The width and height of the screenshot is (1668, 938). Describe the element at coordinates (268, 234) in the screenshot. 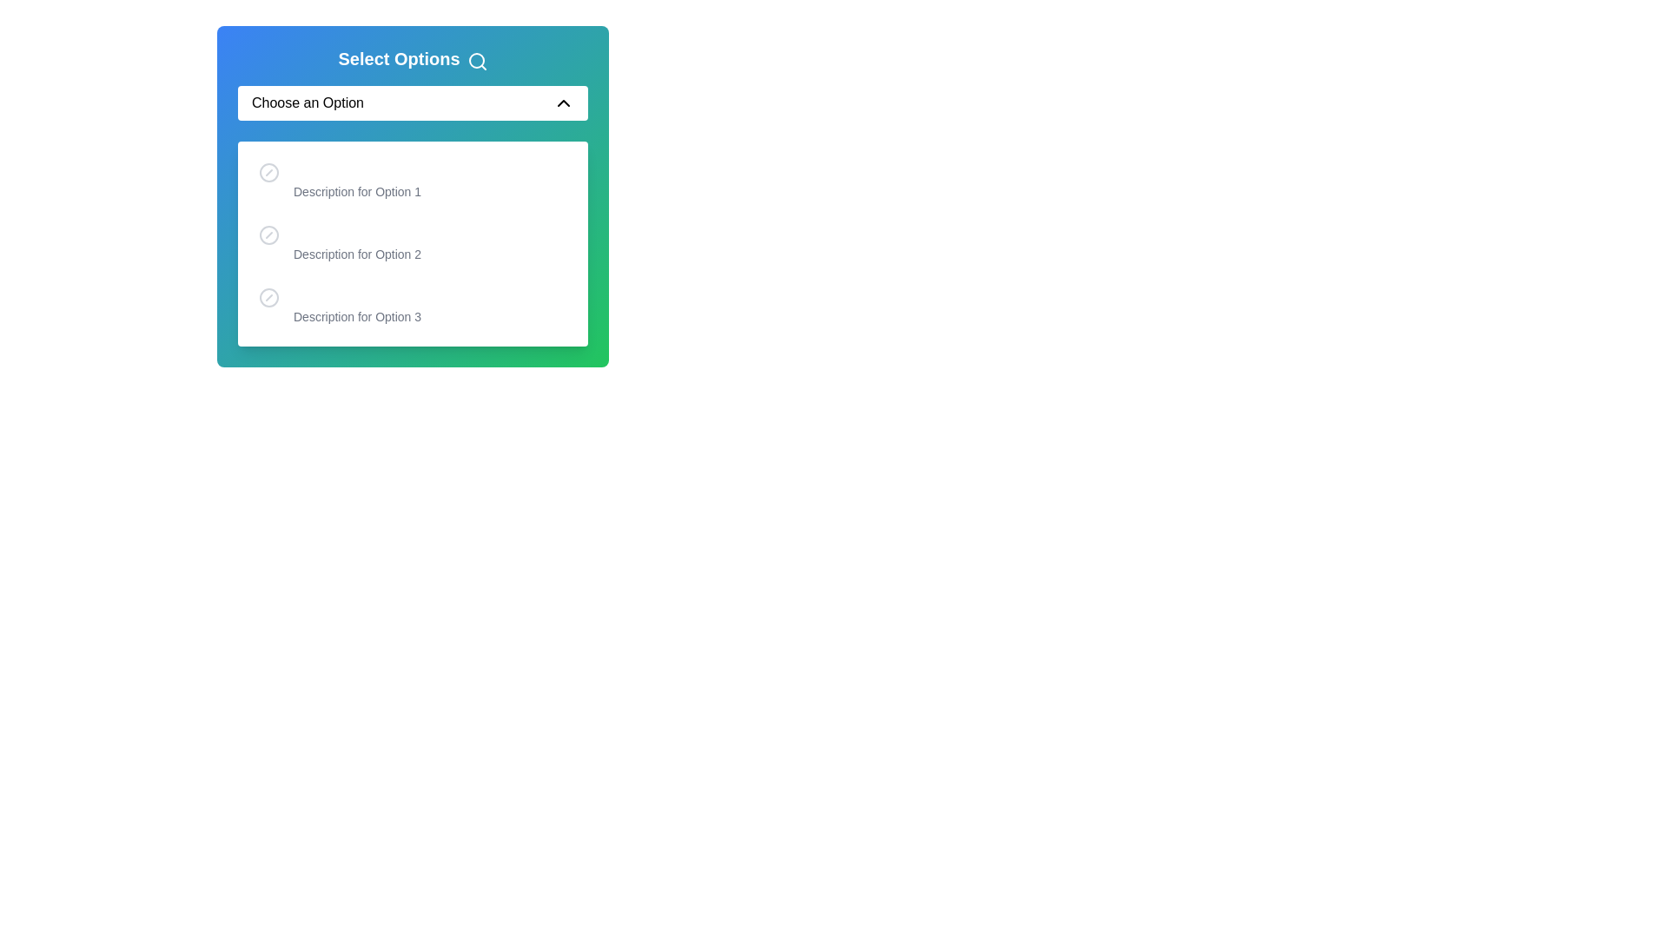

I see `the option associated with the graphical circle (SVG element) that indicates the status of 'Description for Option 2' in the drop-down menu` at that location.